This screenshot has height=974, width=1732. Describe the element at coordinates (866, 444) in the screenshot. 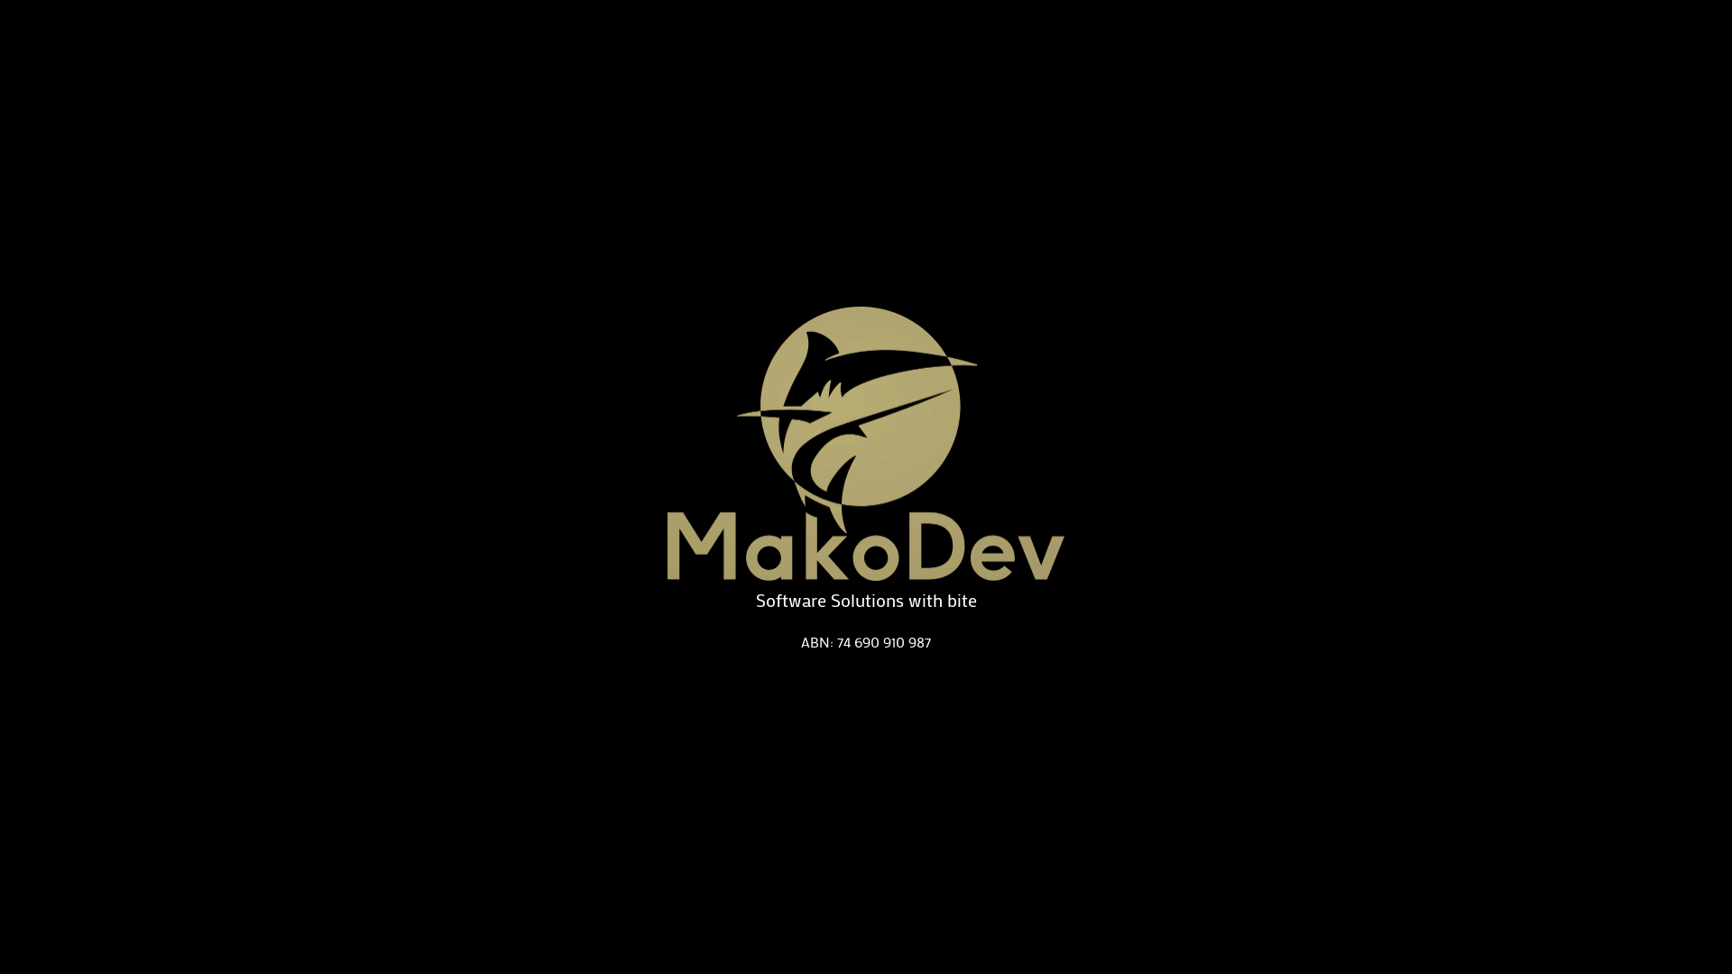

I see `'MakoDev'` at that location.